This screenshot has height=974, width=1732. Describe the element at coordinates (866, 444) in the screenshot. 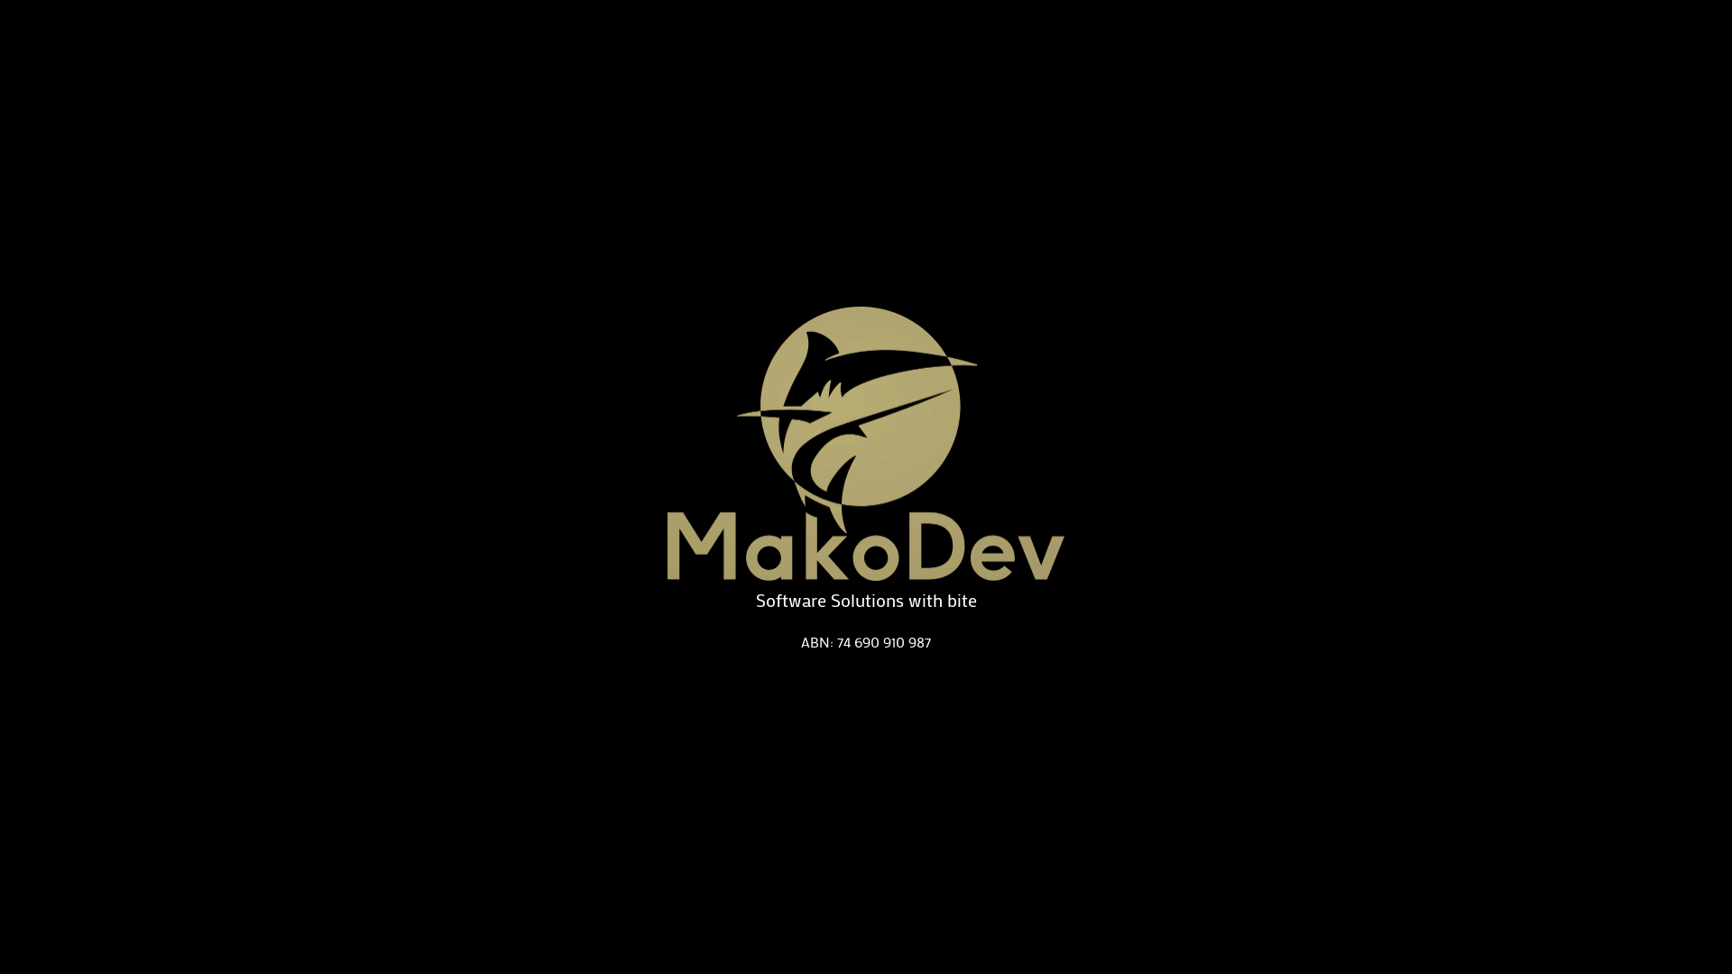

I see `'MakoDev'` at that location.